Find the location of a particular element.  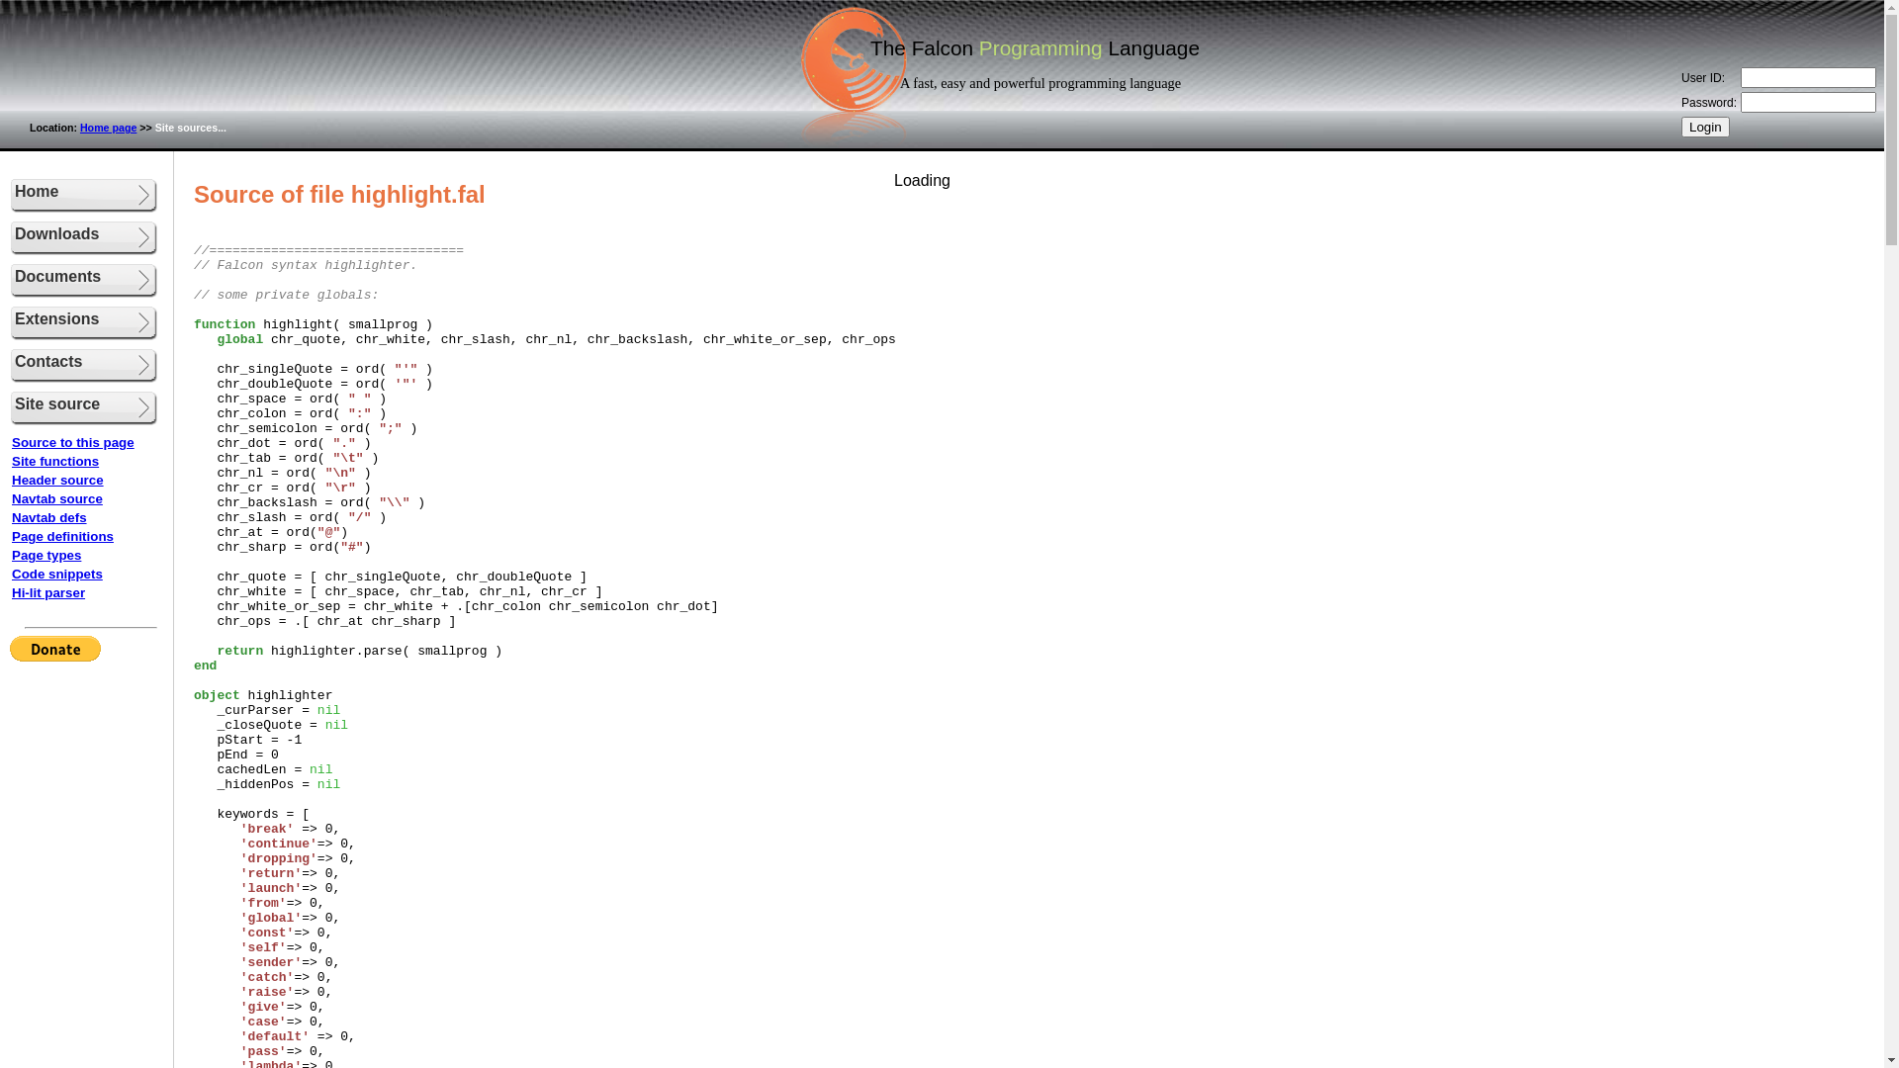

'Navtab source' is located at coordinates (12, 497).